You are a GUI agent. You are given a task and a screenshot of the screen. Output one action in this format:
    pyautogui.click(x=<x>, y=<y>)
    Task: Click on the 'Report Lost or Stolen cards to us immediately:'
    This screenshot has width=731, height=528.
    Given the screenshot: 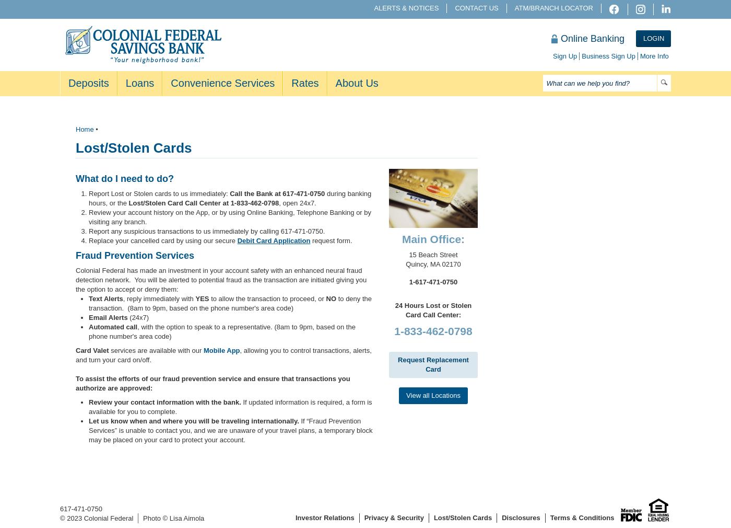 What is the action you would take?
    pyautogui.click(x=159, y=193)
    